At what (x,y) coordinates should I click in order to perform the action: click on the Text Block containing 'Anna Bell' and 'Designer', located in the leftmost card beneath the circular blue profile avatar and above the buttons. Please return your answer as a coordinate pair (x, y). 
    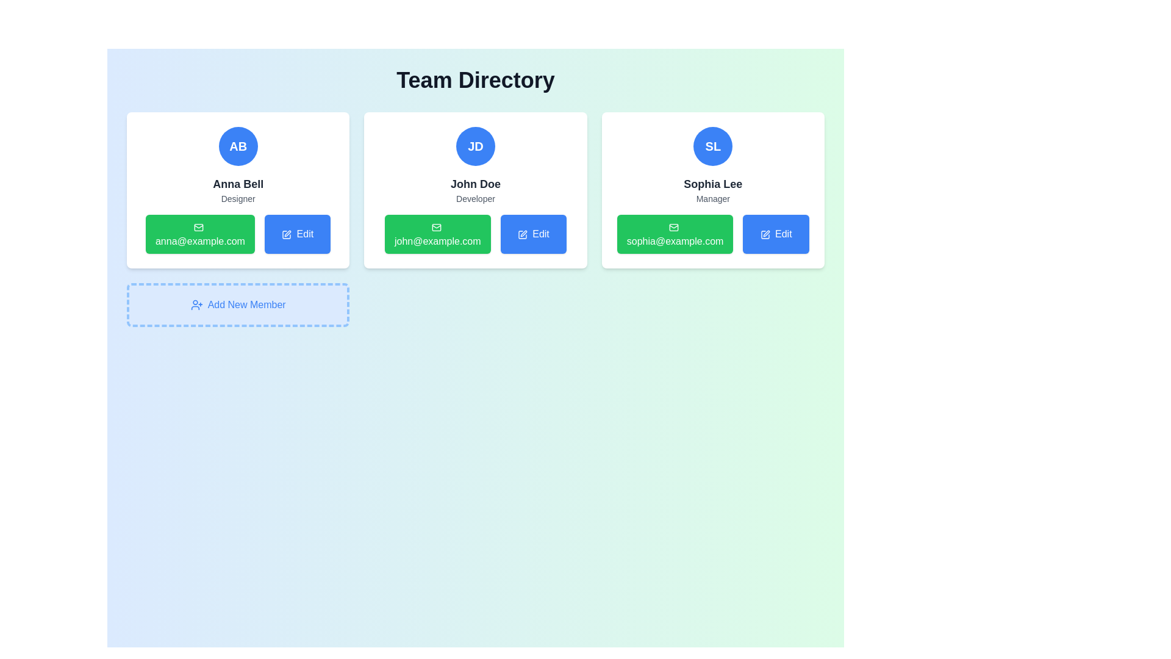
    Looking at the image, I should click on (238, 190).